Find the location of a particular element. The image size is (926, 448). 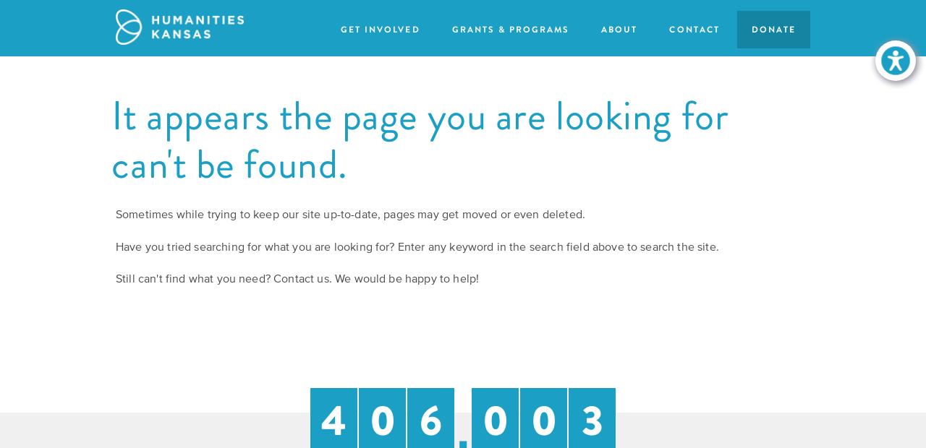

'Contact' is located at coordinates (693, 28).